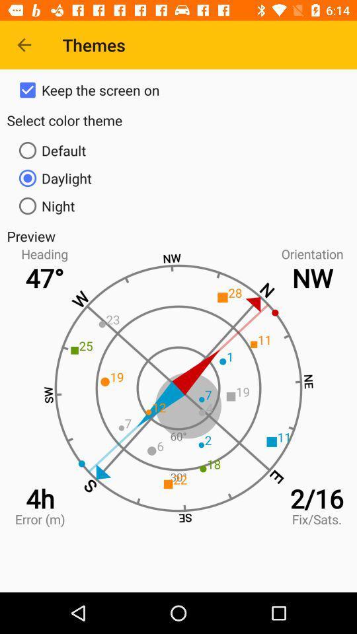 The image size is (357, 634). Describe the element at coordinates (178, 177) in the screenshot. I see `item above the night` at that location.